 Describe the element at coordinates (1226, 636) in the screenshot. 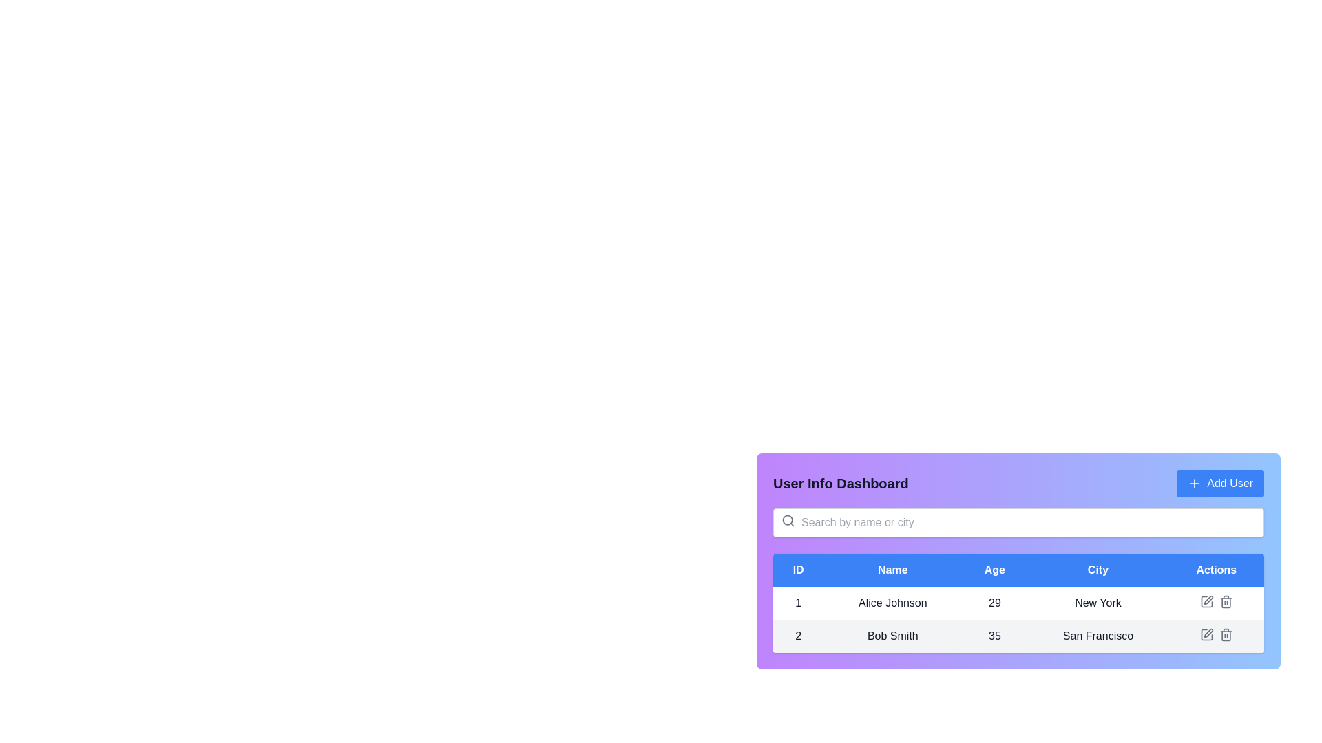

I see `the trash can icon in the 'Actions' column` at that location.